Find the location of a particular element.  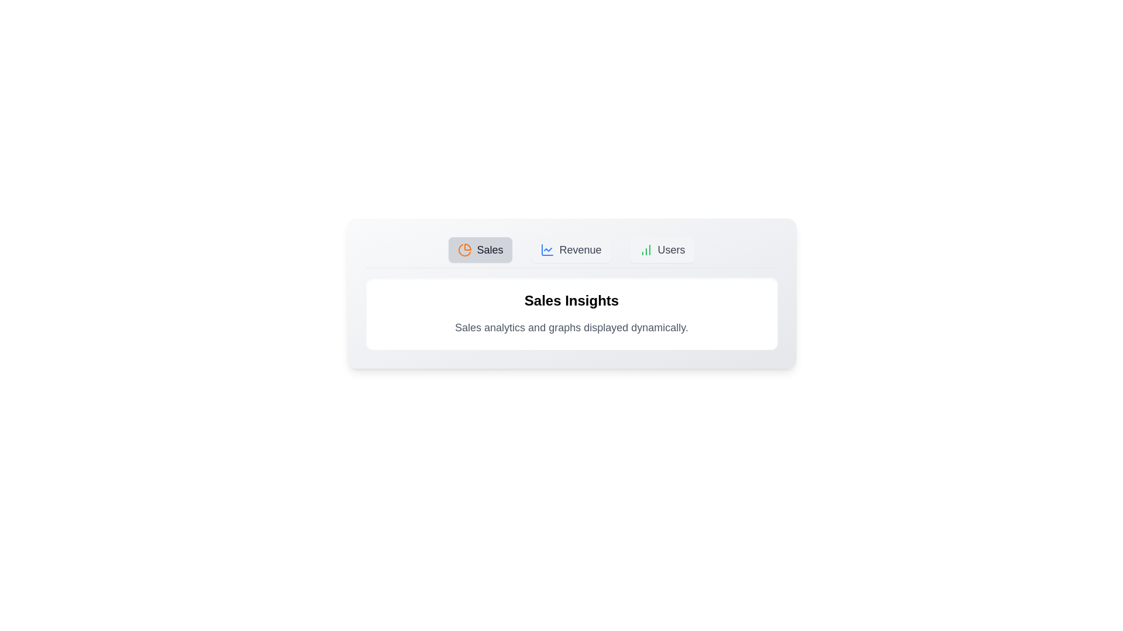

the tab labeled Sales is located at coordinates (480, 249).